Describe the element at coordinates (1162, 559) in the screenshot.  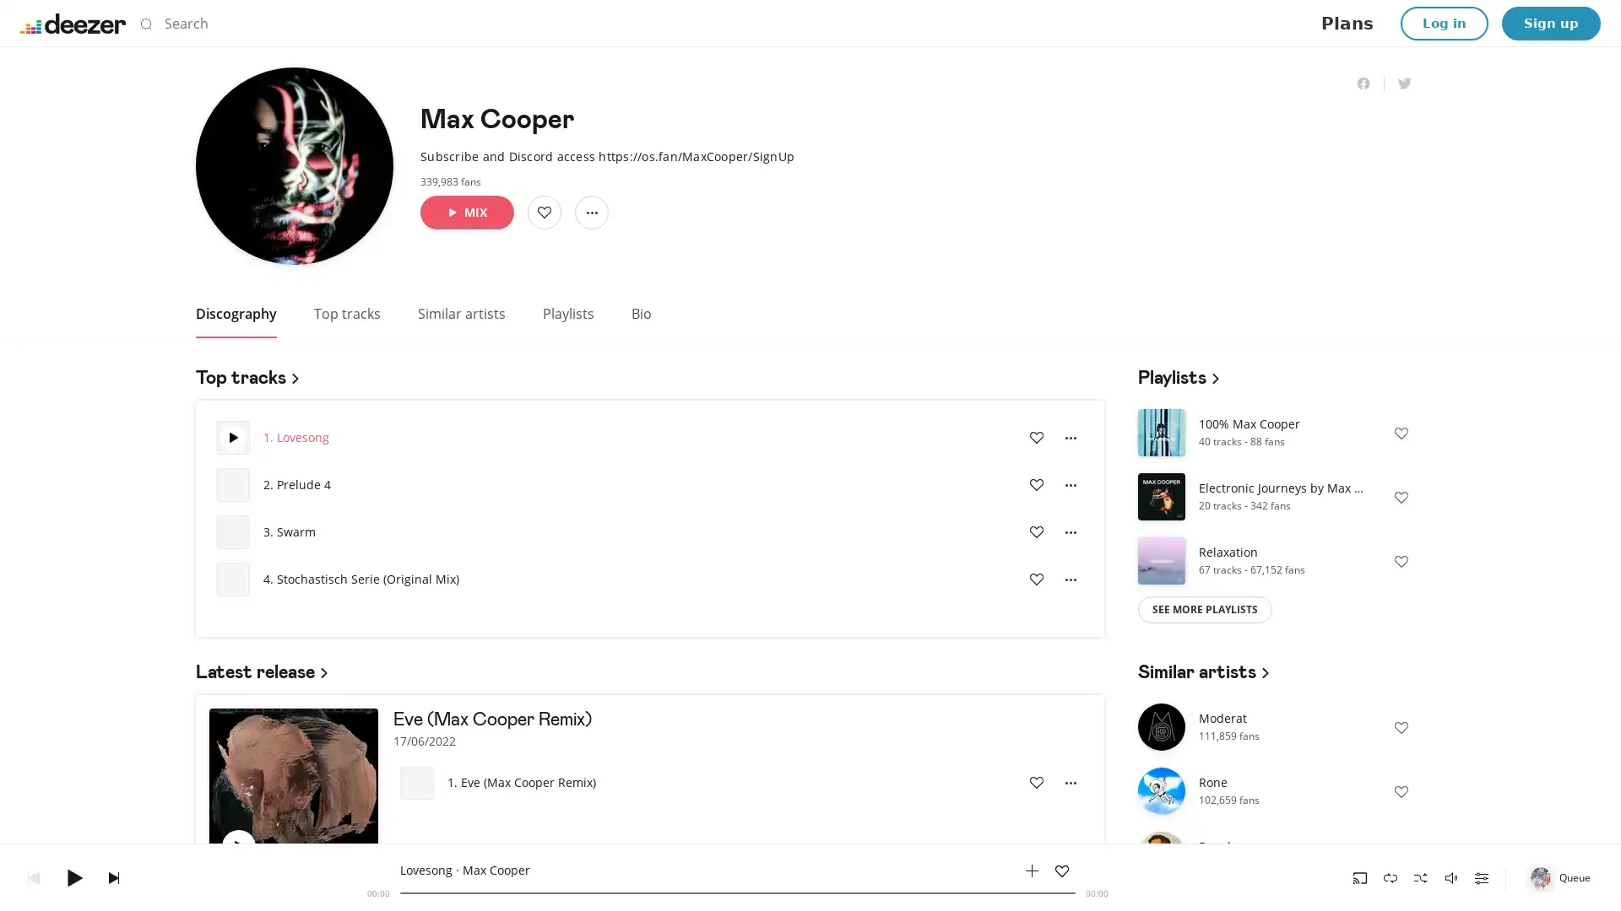
I see `Play` at that location.